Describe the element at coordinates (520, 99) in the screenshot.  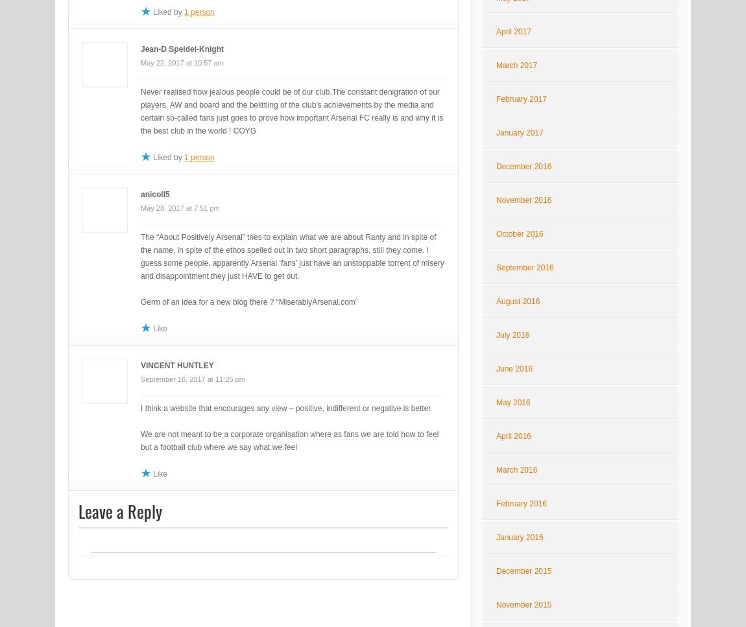
I see `'February 2017'` at that location.